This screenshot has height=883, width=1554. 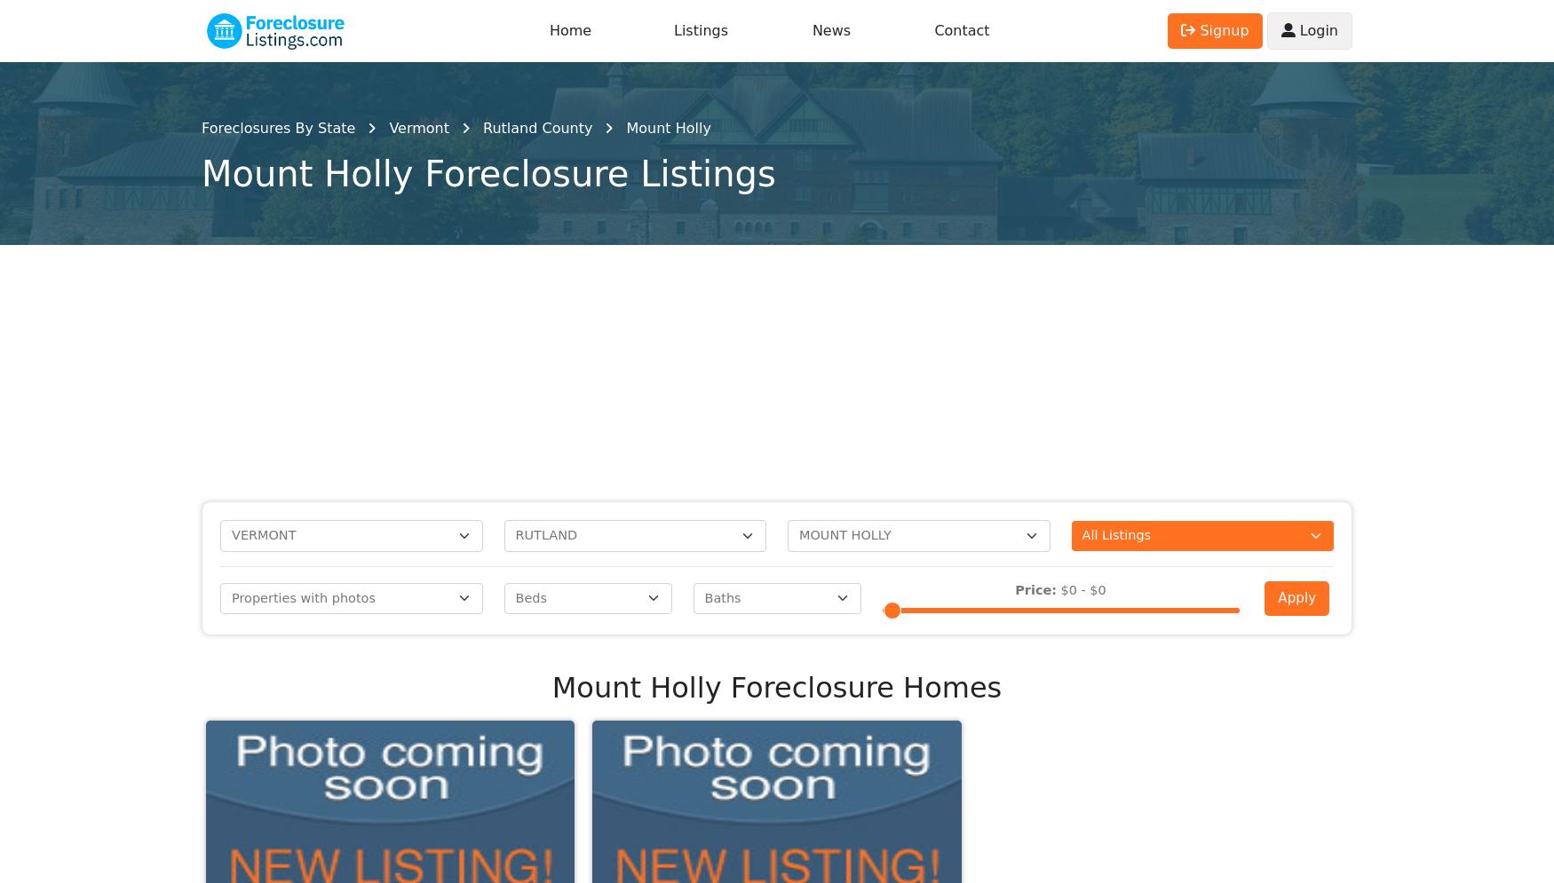 I want to click on 'West Pawlet, VT', so click(x=696, y=159).